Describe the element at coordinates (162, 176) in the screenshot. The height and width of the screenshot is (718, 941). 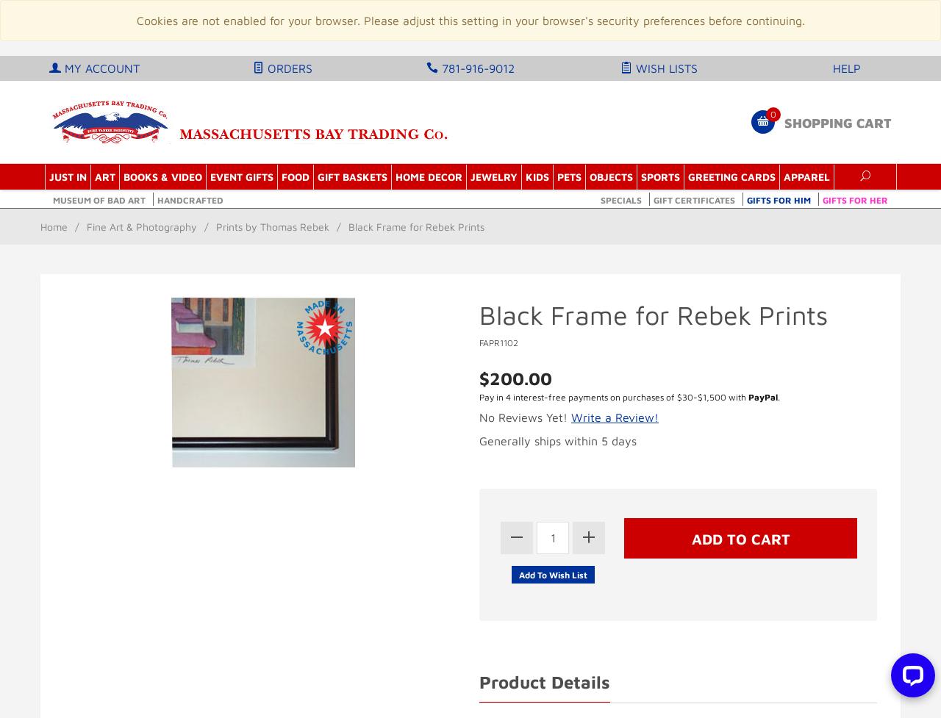
I see `'Books & Video'` at that location.